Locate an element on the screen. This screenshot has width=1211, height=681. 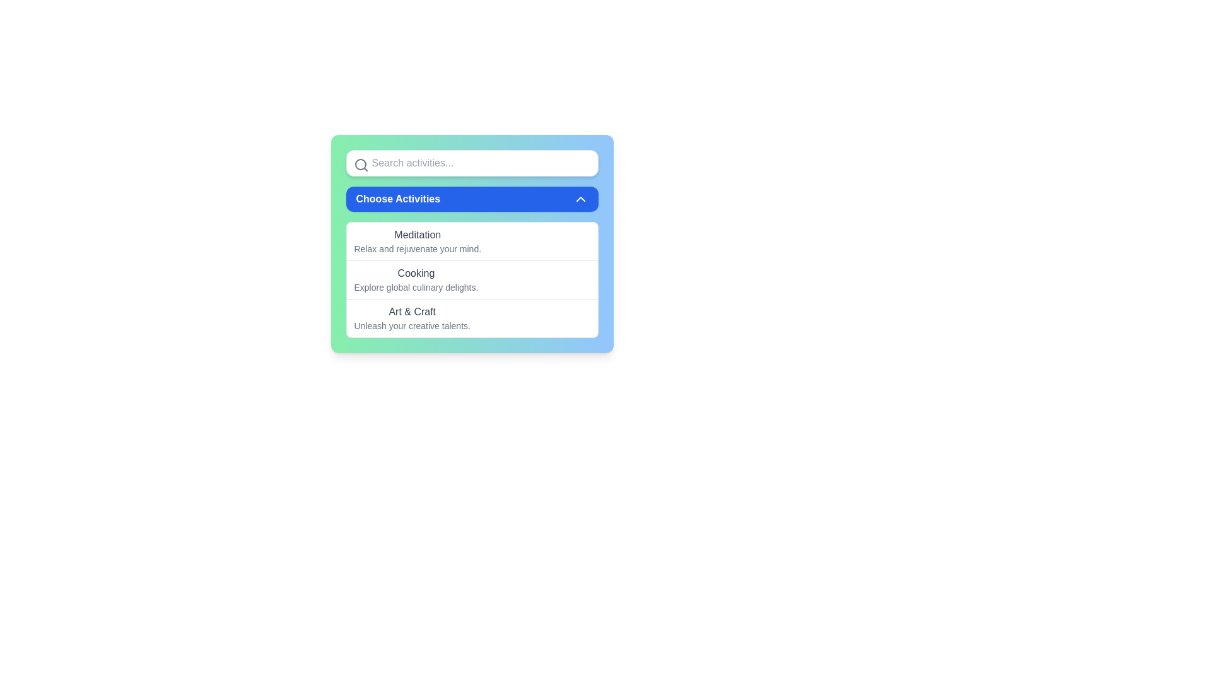
the text label displaying 'Relax and rejuvenate your mind.' which is styled in gray and positioned underneath the 'Meditation' label is located at coordinates (418, 248).